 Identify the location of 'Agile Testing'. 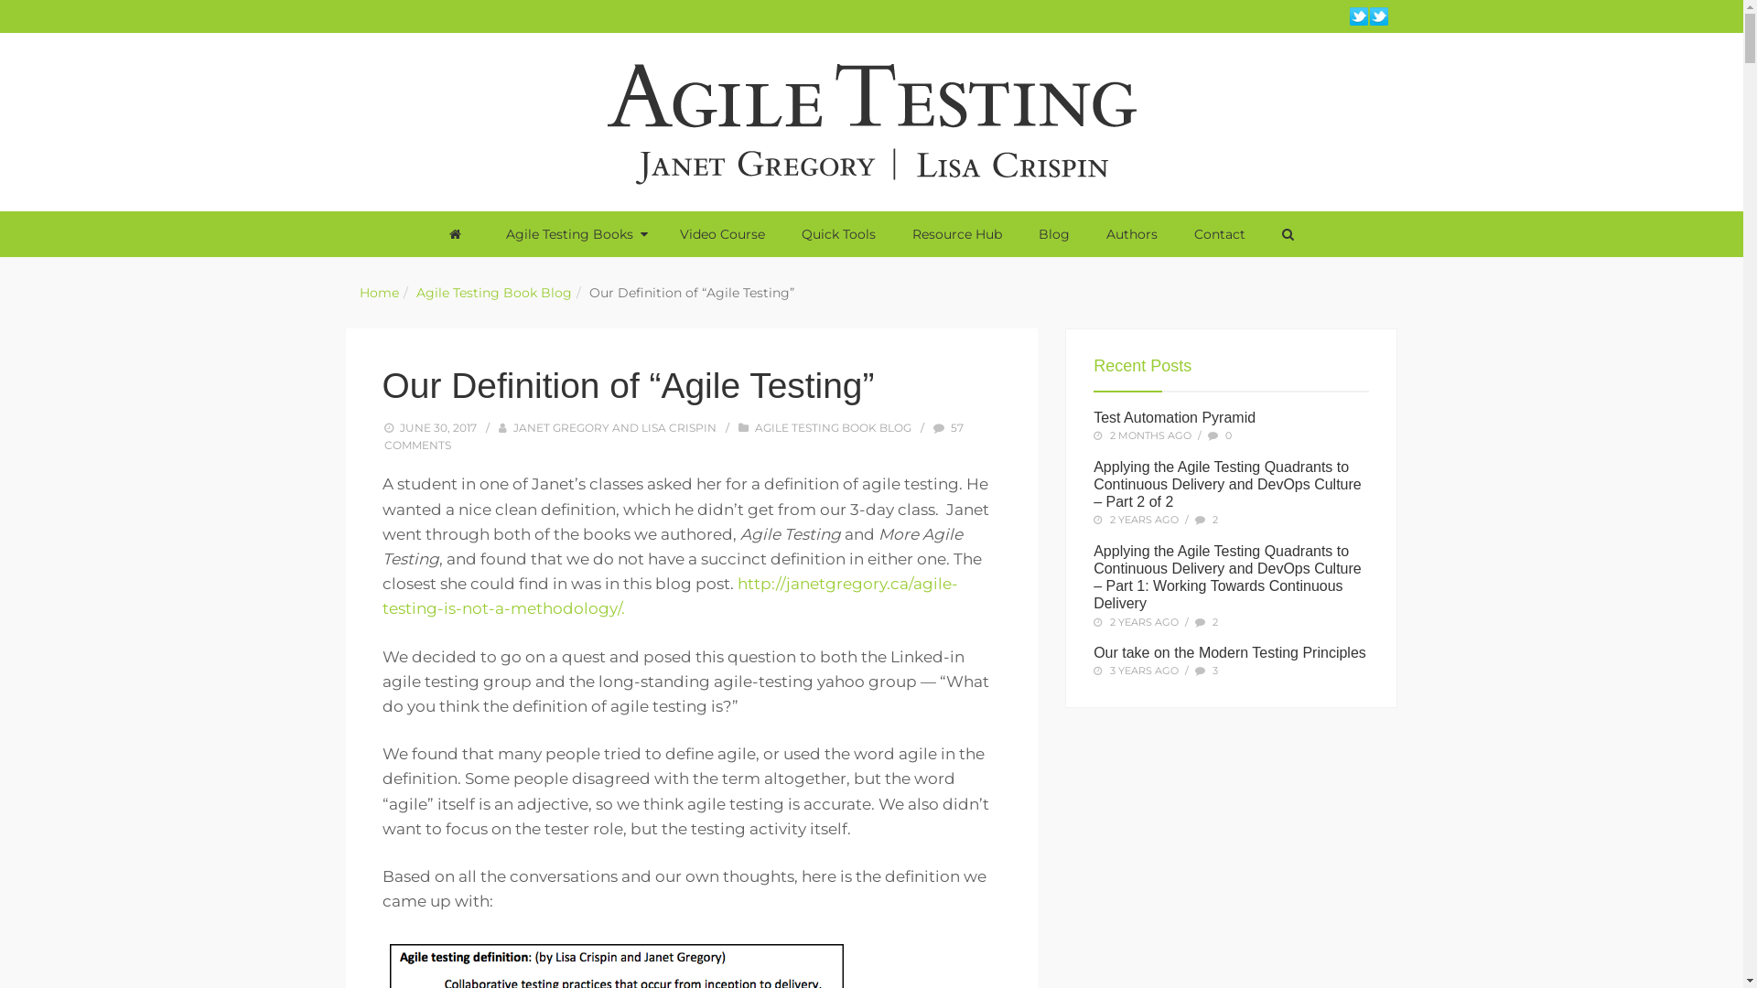
(869, 120).